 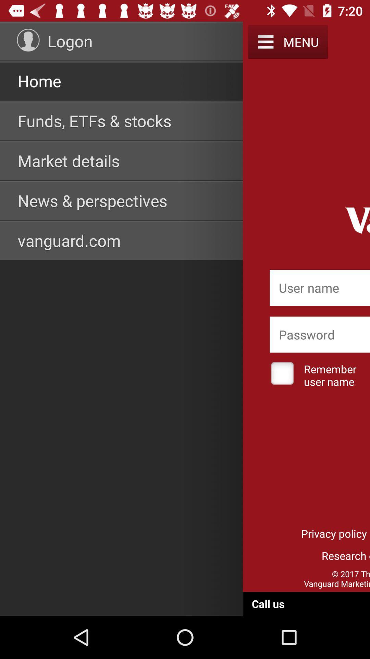 What do you see at coordinates (334, 533) in the screenshot?
I see `the privacy policy icon` at bounding box center [334, 533].